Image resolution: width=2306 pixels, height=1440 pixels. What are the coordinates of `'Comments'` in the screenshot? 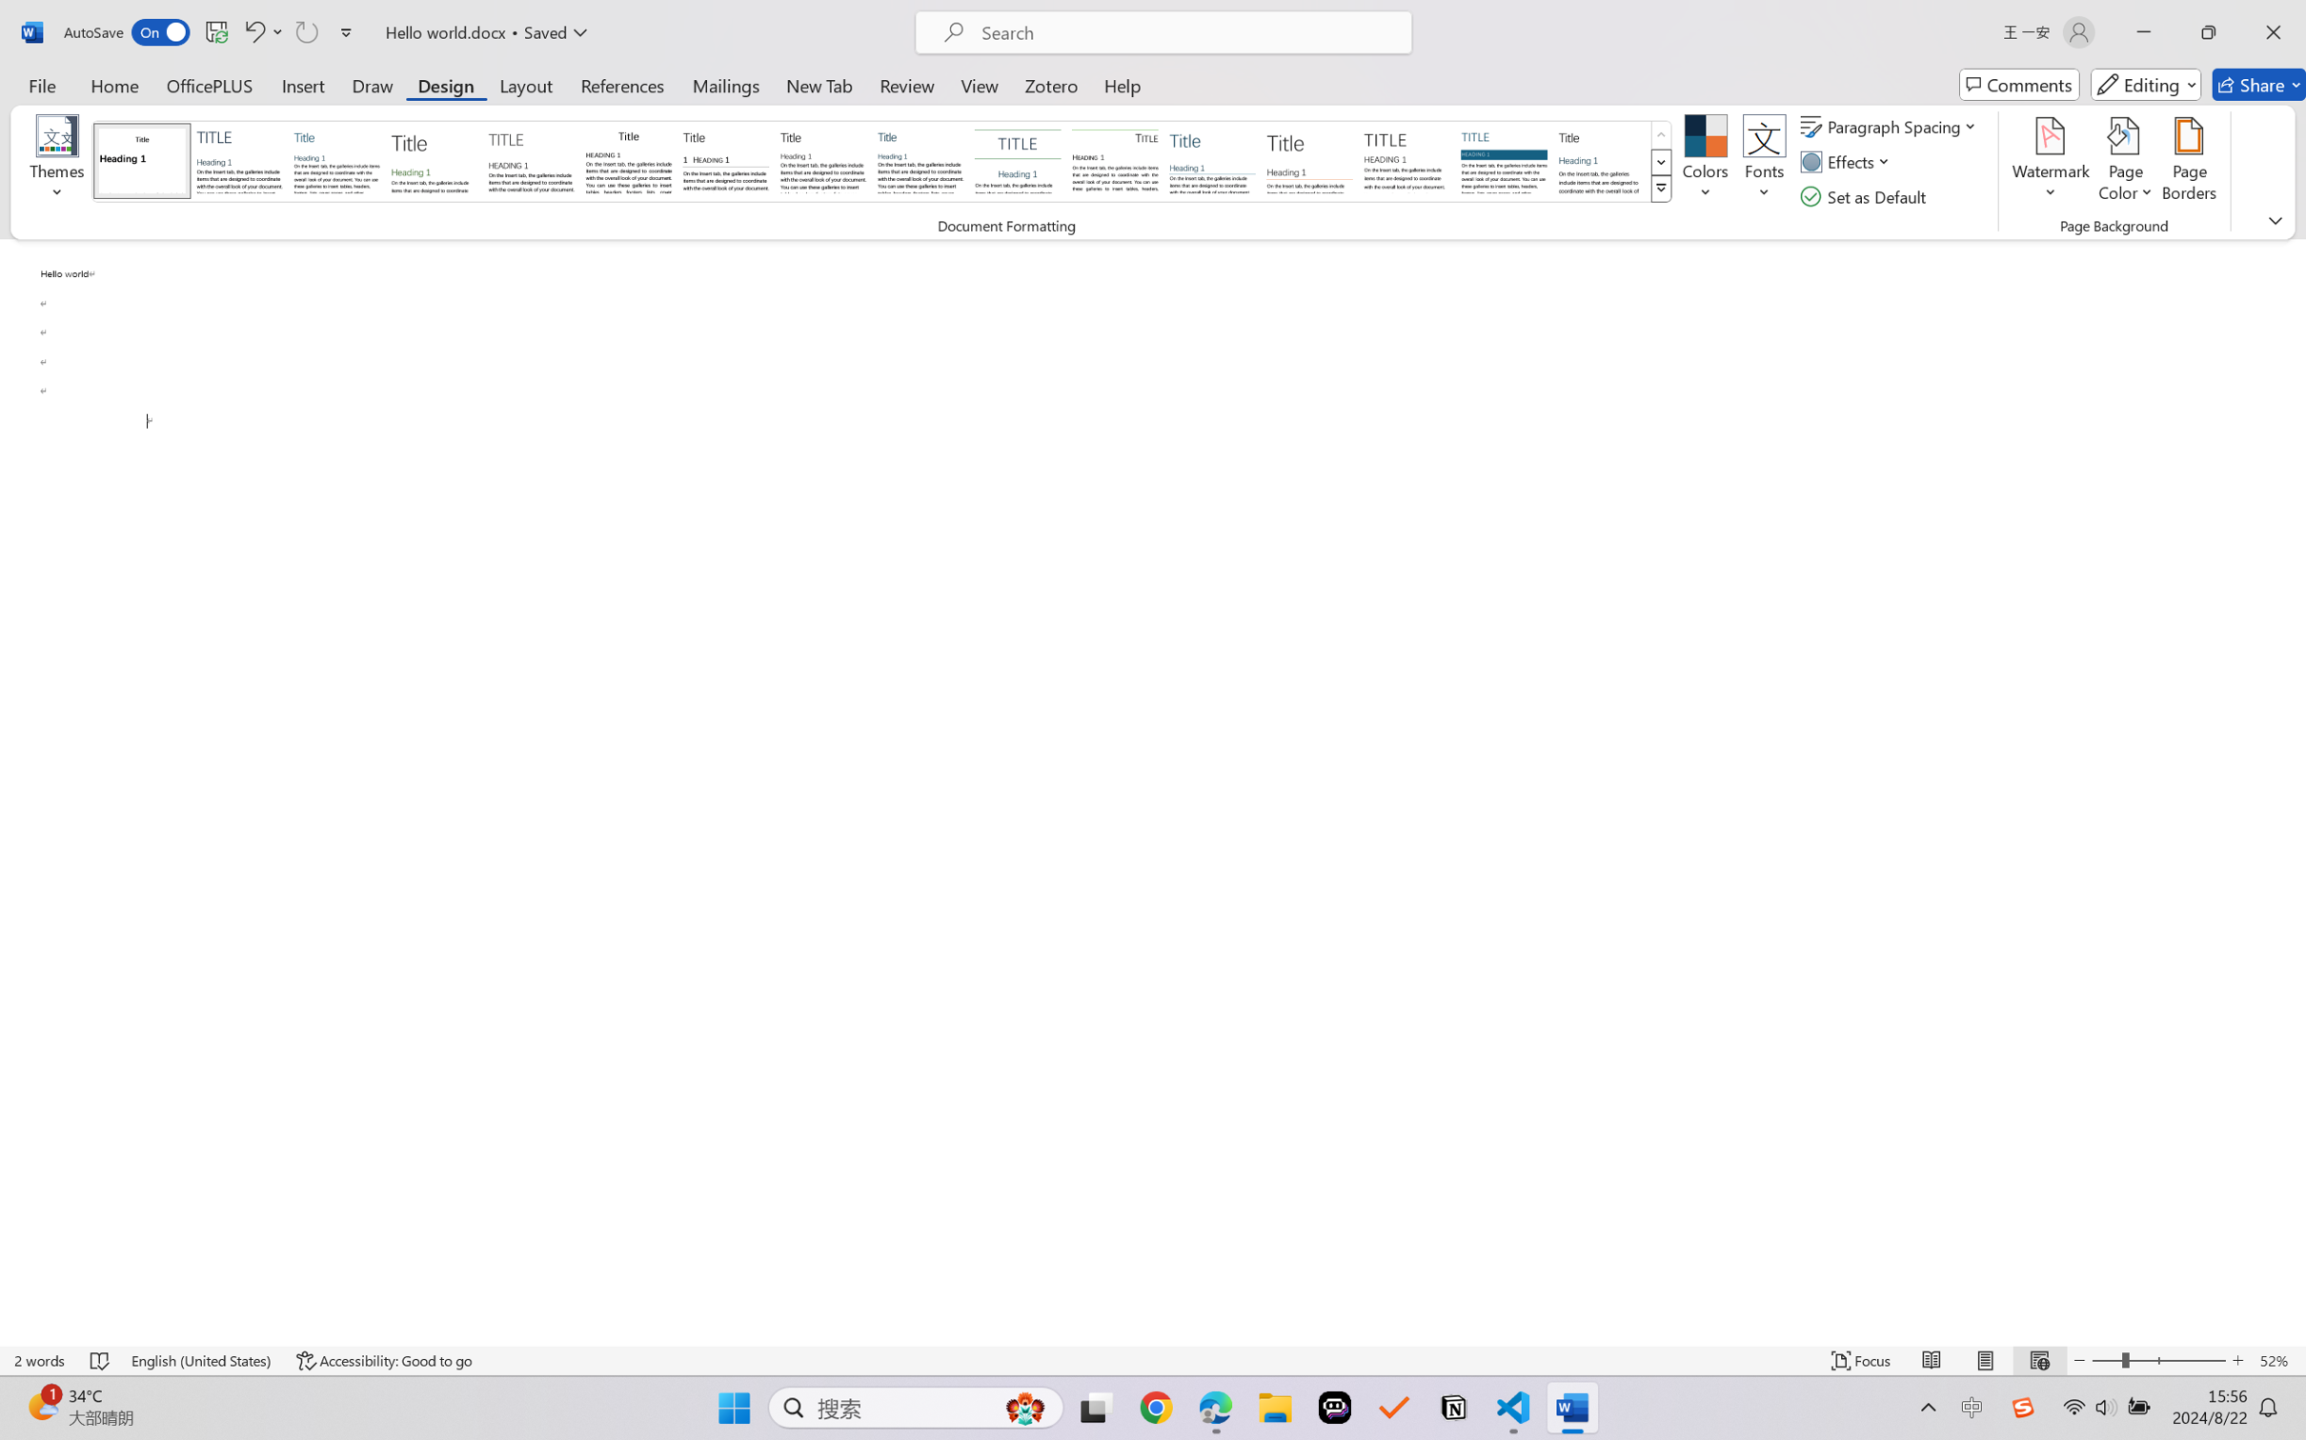 It's located at (2018, 84).